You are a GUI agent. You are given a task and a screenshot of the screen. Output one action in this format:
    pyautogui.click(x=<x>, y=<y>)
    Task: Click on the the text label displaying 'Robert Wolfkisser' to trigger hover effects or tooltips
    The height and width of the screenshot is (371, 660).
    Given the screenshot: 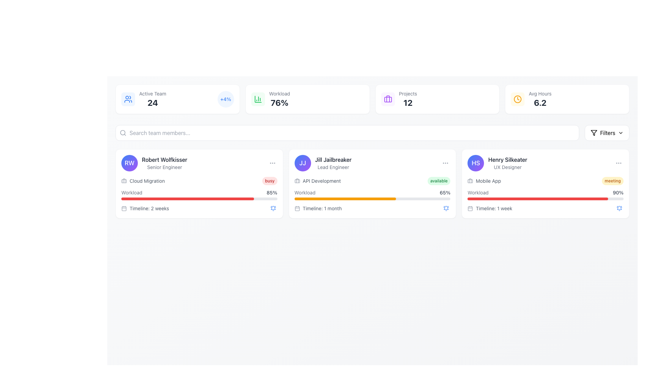 What is the action you would take?
    pyautogui.click(x=164, y=160)
    